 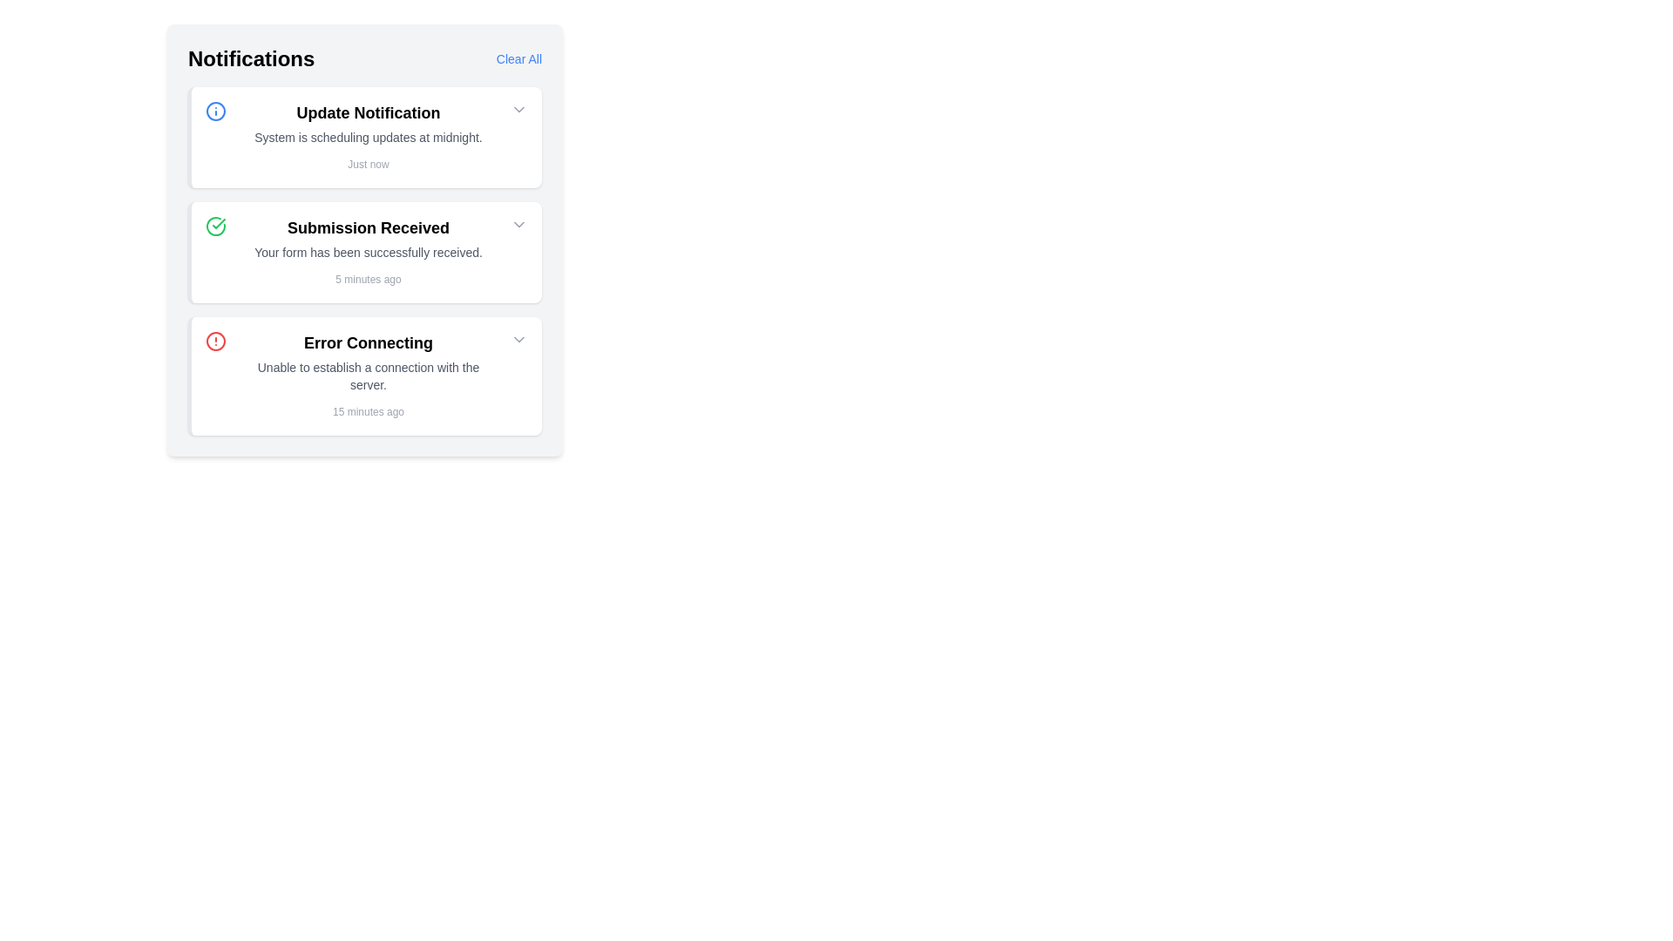 What do you see at coordinates (367, 252) in the screenshot?
I see `the second Notification block, which informs the user about the successful submission of a form, located in the main notifications list` at bounding box center [367, 252].